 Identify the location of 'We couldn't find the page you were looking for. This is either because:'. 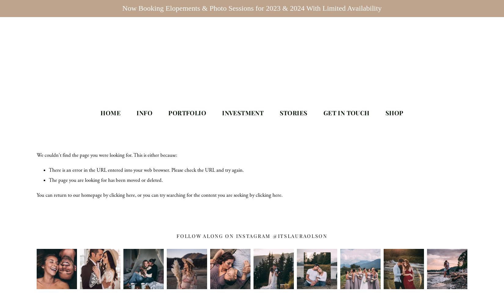
(36, 155).